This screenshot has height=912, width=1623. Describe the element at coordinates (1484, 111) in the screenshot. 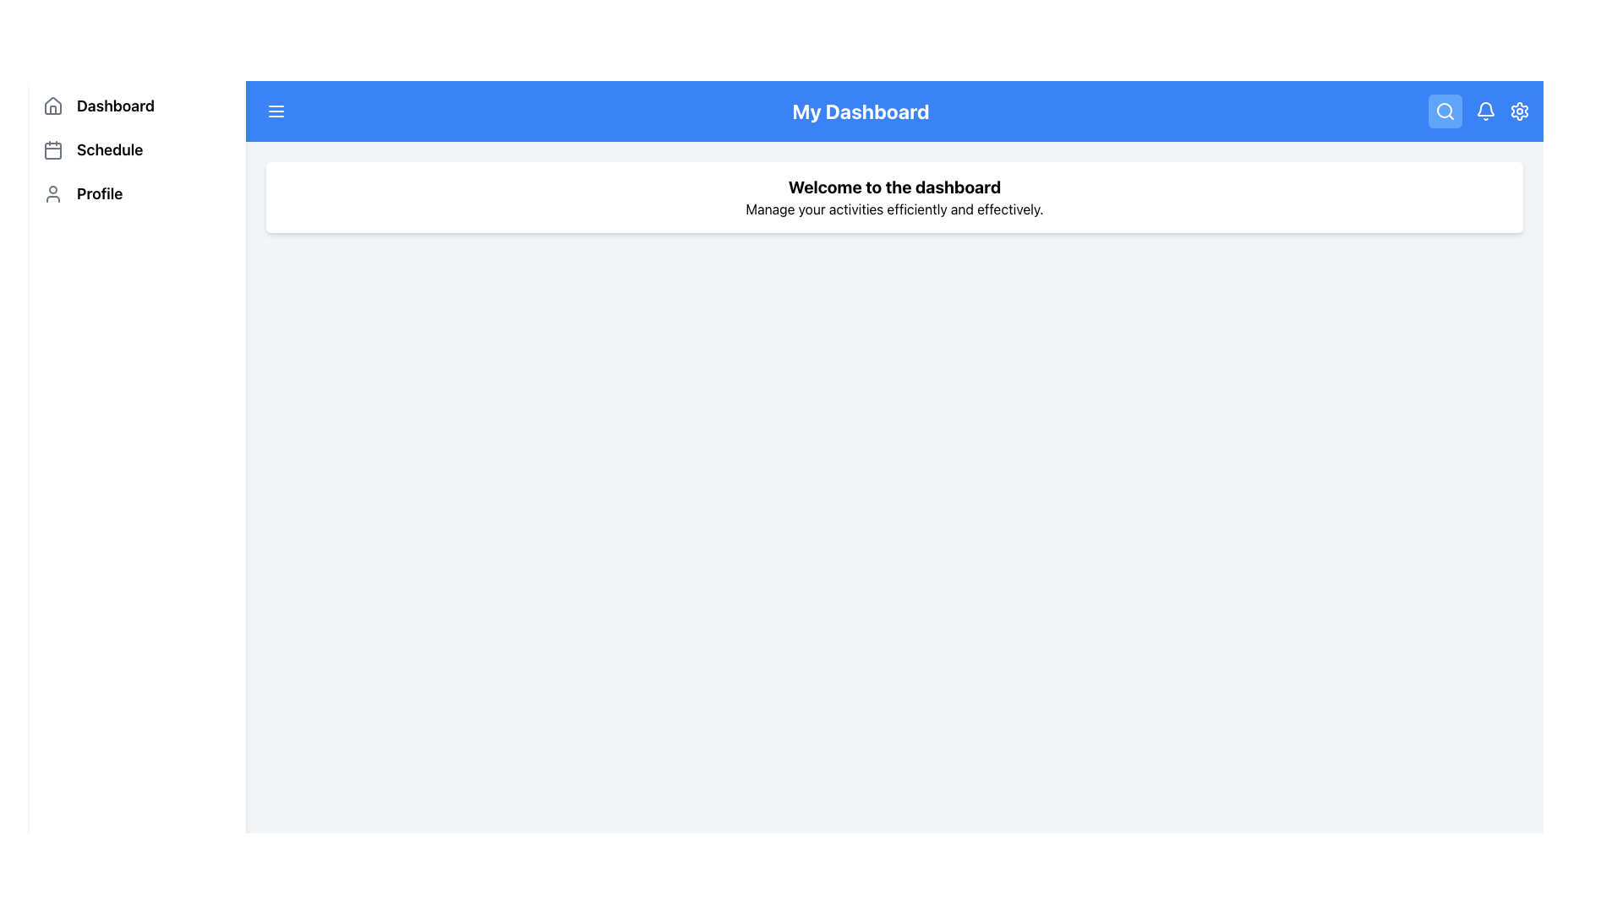

I see `the notification bell icon located at the top-right of the main app bar` at that location.